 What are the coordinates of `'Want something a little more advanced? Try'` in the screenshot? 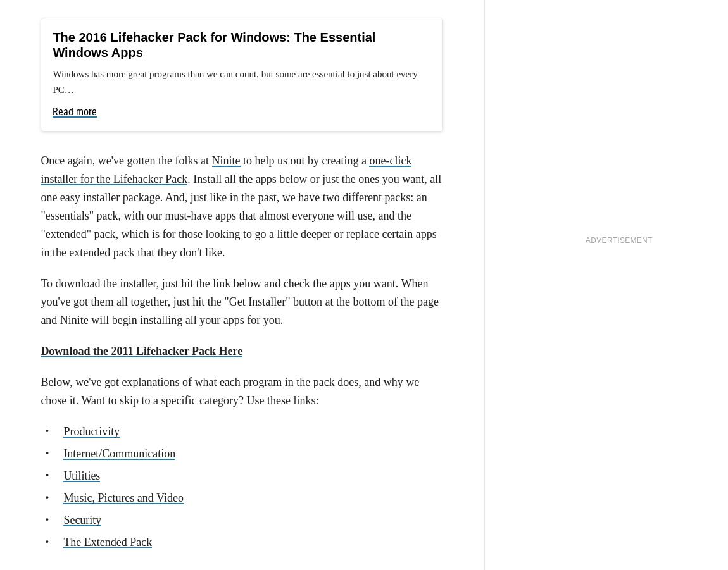 It's located at (142, 42).